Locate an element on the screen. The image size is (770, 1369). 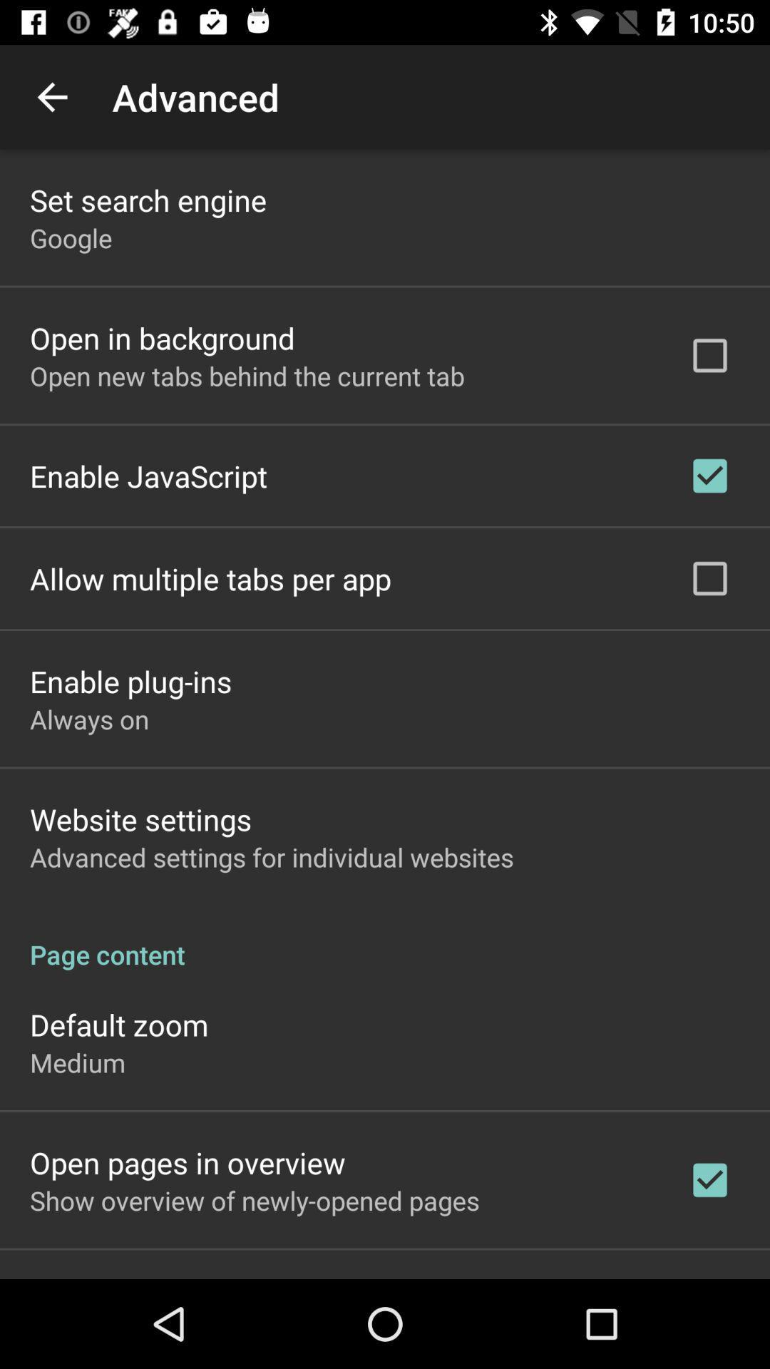
the item next to advanced item is located at coordinates (51, 96).